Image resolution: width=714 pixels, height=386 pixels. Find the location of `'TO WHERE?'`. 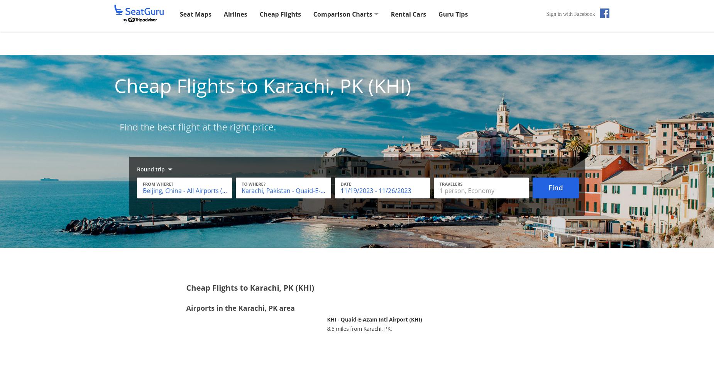

'TO WHERE?' is located at coordinates (242, 183).